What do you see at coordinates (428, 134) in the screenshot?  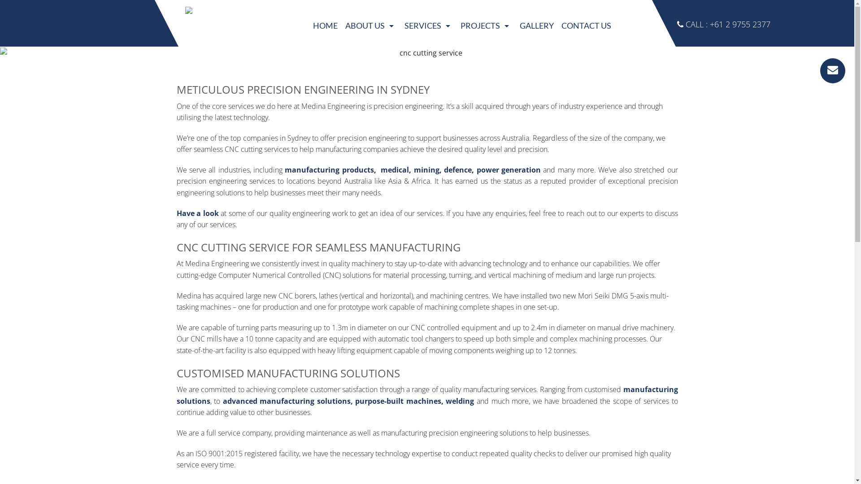 I see `'FABRICATION & WELDING'` at bounding box center [428, 134].